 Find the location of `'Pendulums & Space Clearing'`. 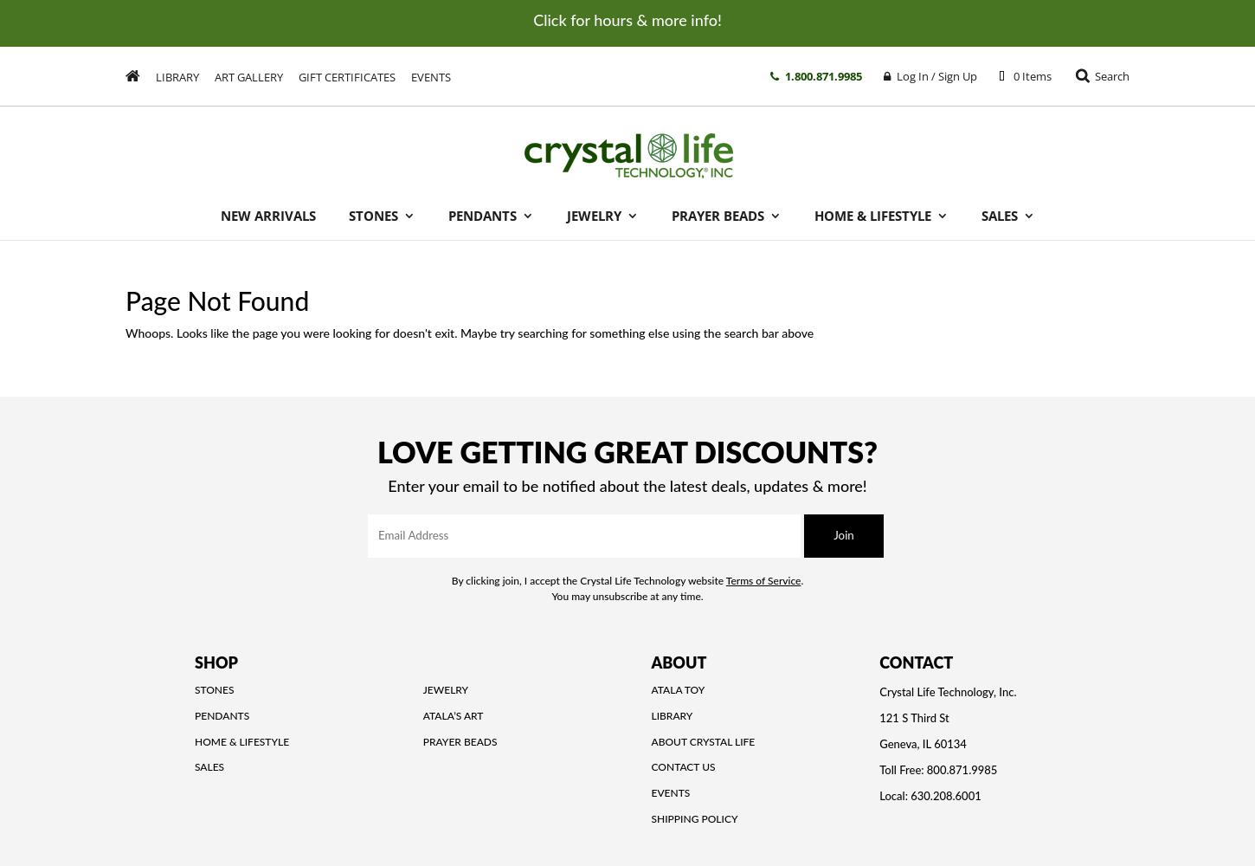

'Pendulums & Space Clearing' is located at coordinates (912, 439).